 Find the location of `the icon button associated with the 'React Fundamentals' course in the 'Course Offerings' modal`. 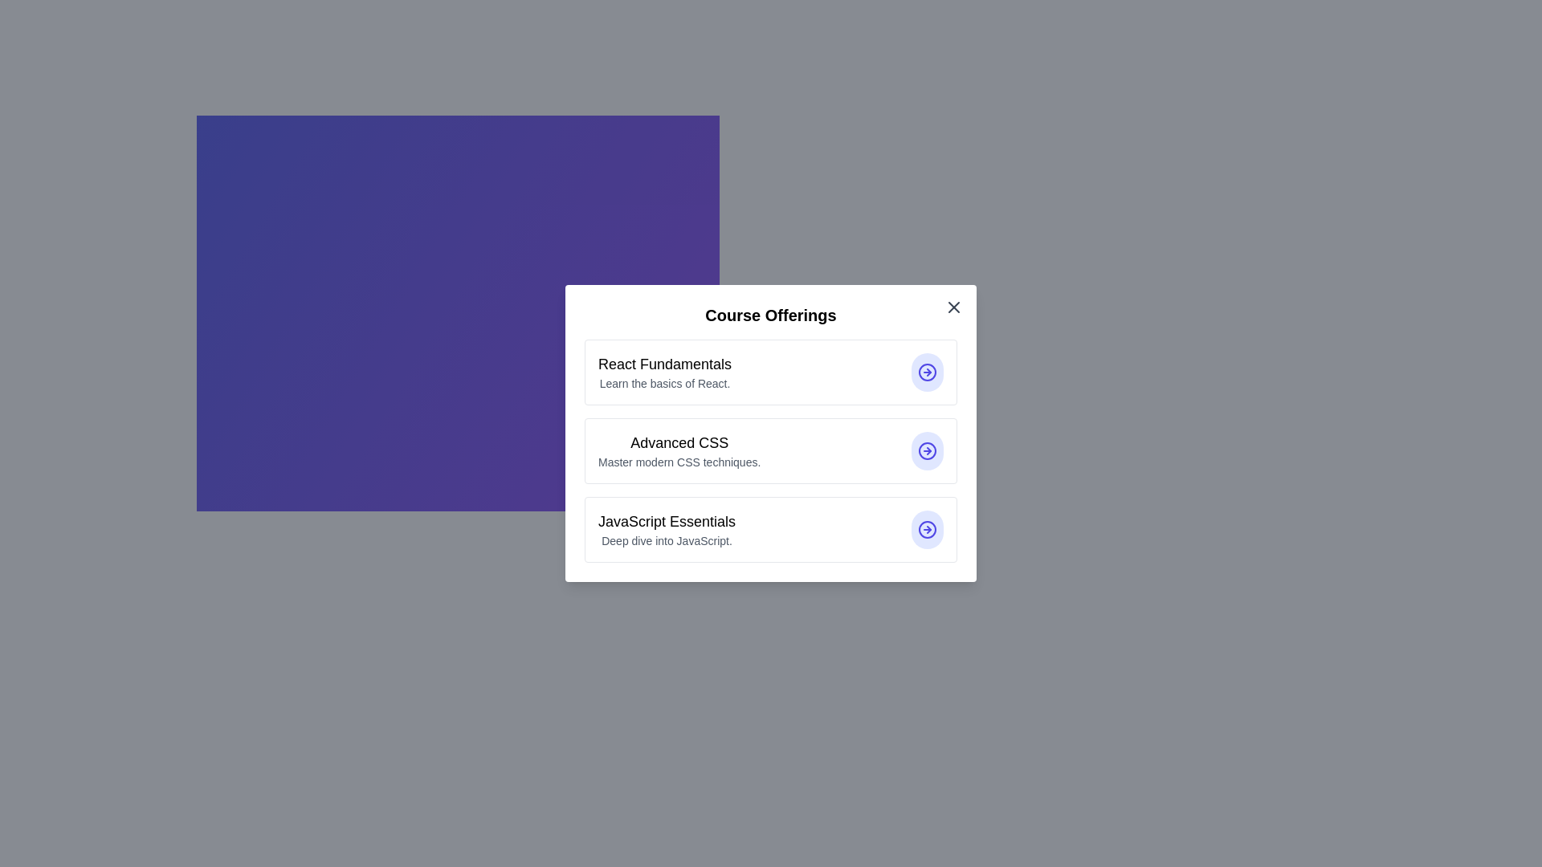

the icon button associated with the 'React Fundamentals' course in the 'Course Offerings' modal is located at coordinates (928, 372).